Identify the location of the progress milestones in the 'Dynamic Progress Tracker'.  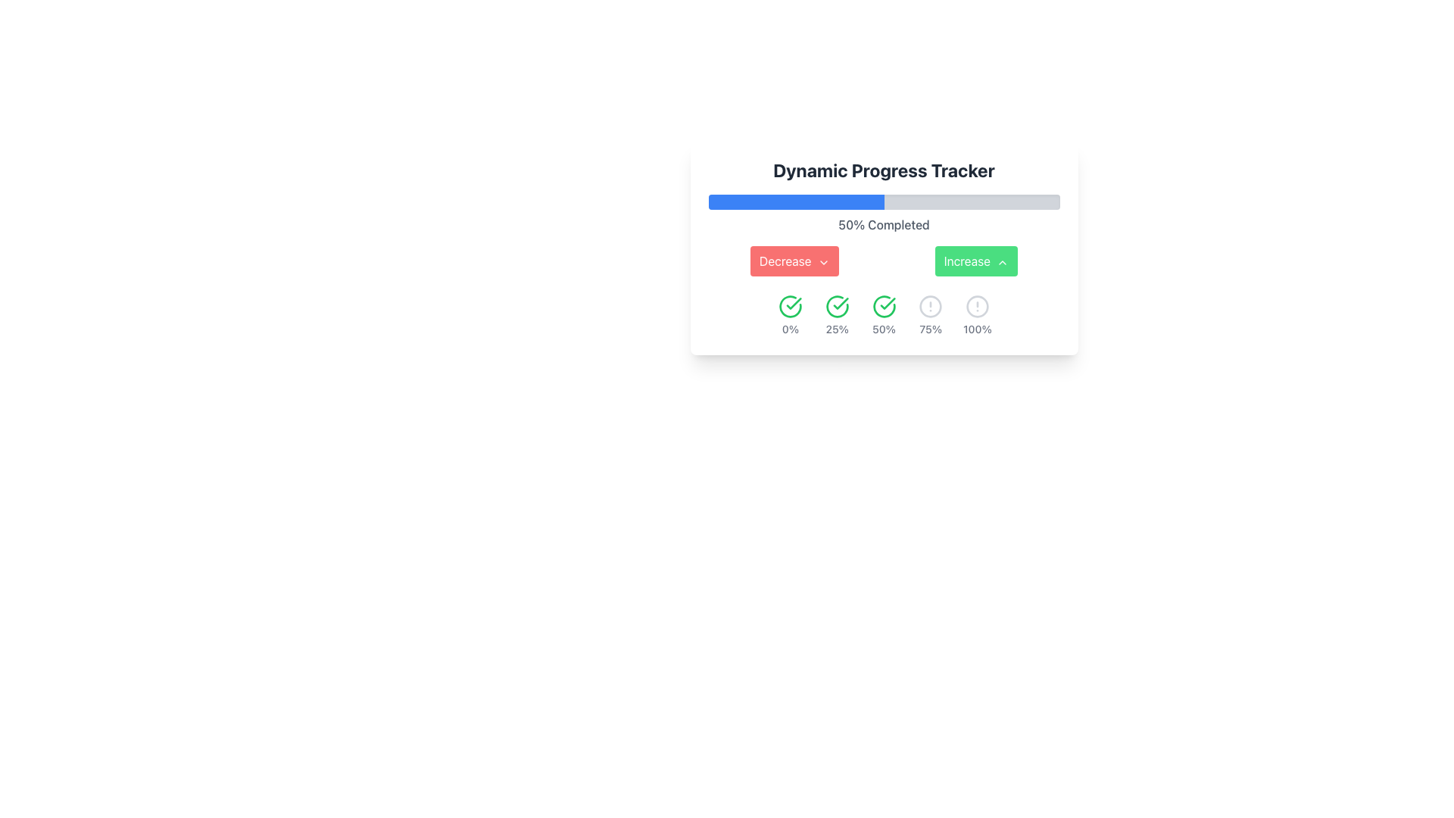
(884, 247).